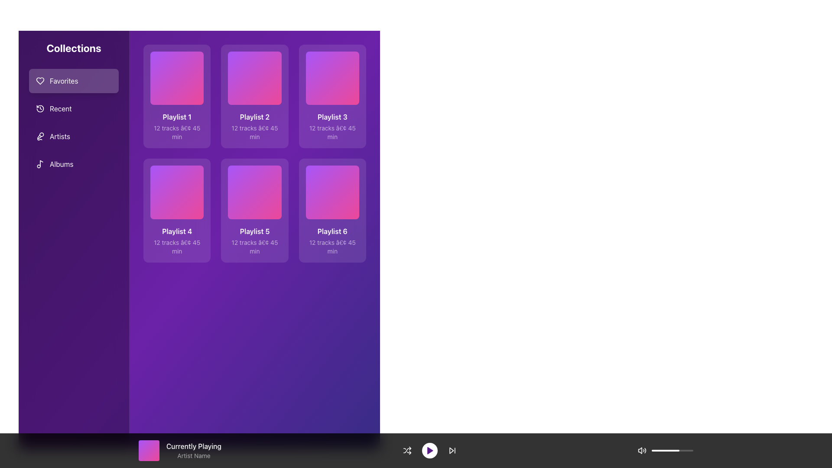  I want to click on the navigation button located as the fourth item in the vertical list on the left-hand side of the interface, so click(74, 164).